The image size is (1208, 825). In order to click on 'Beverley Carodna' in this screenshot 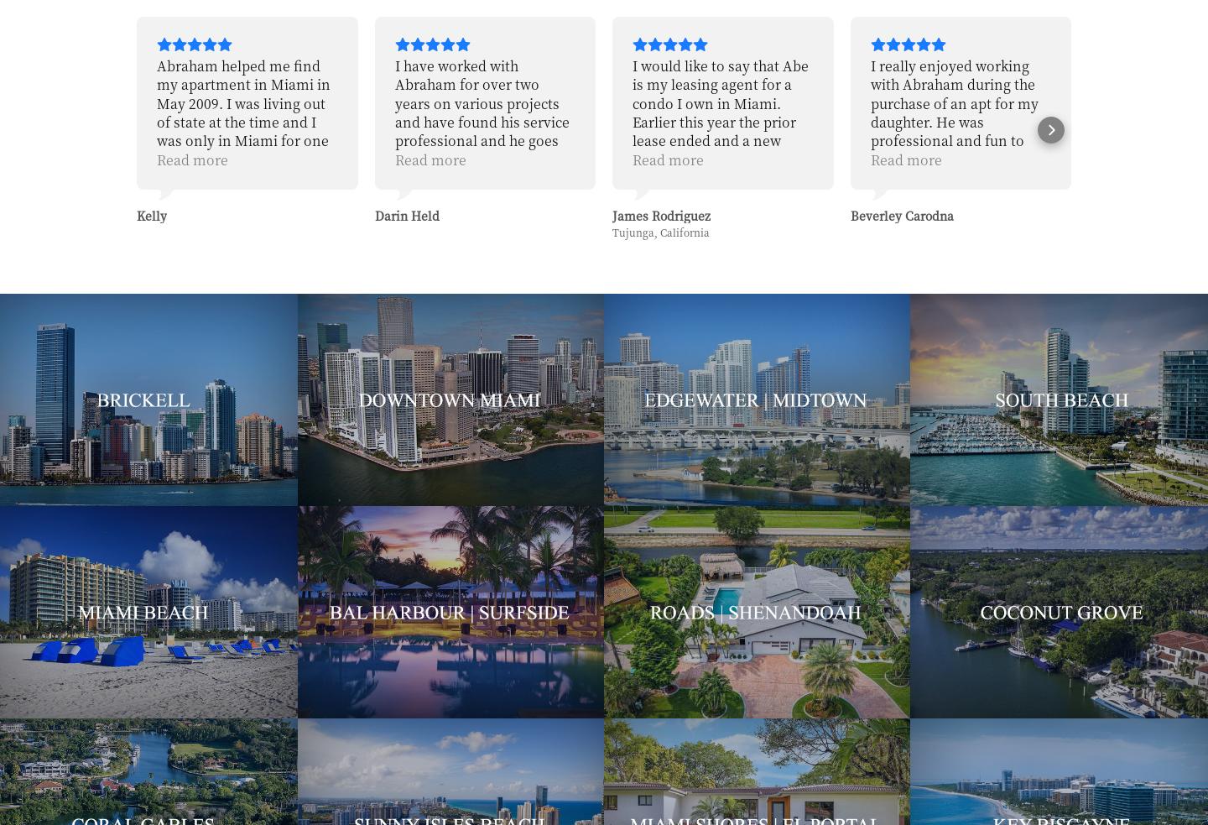, I will do `click(664, 215)`.